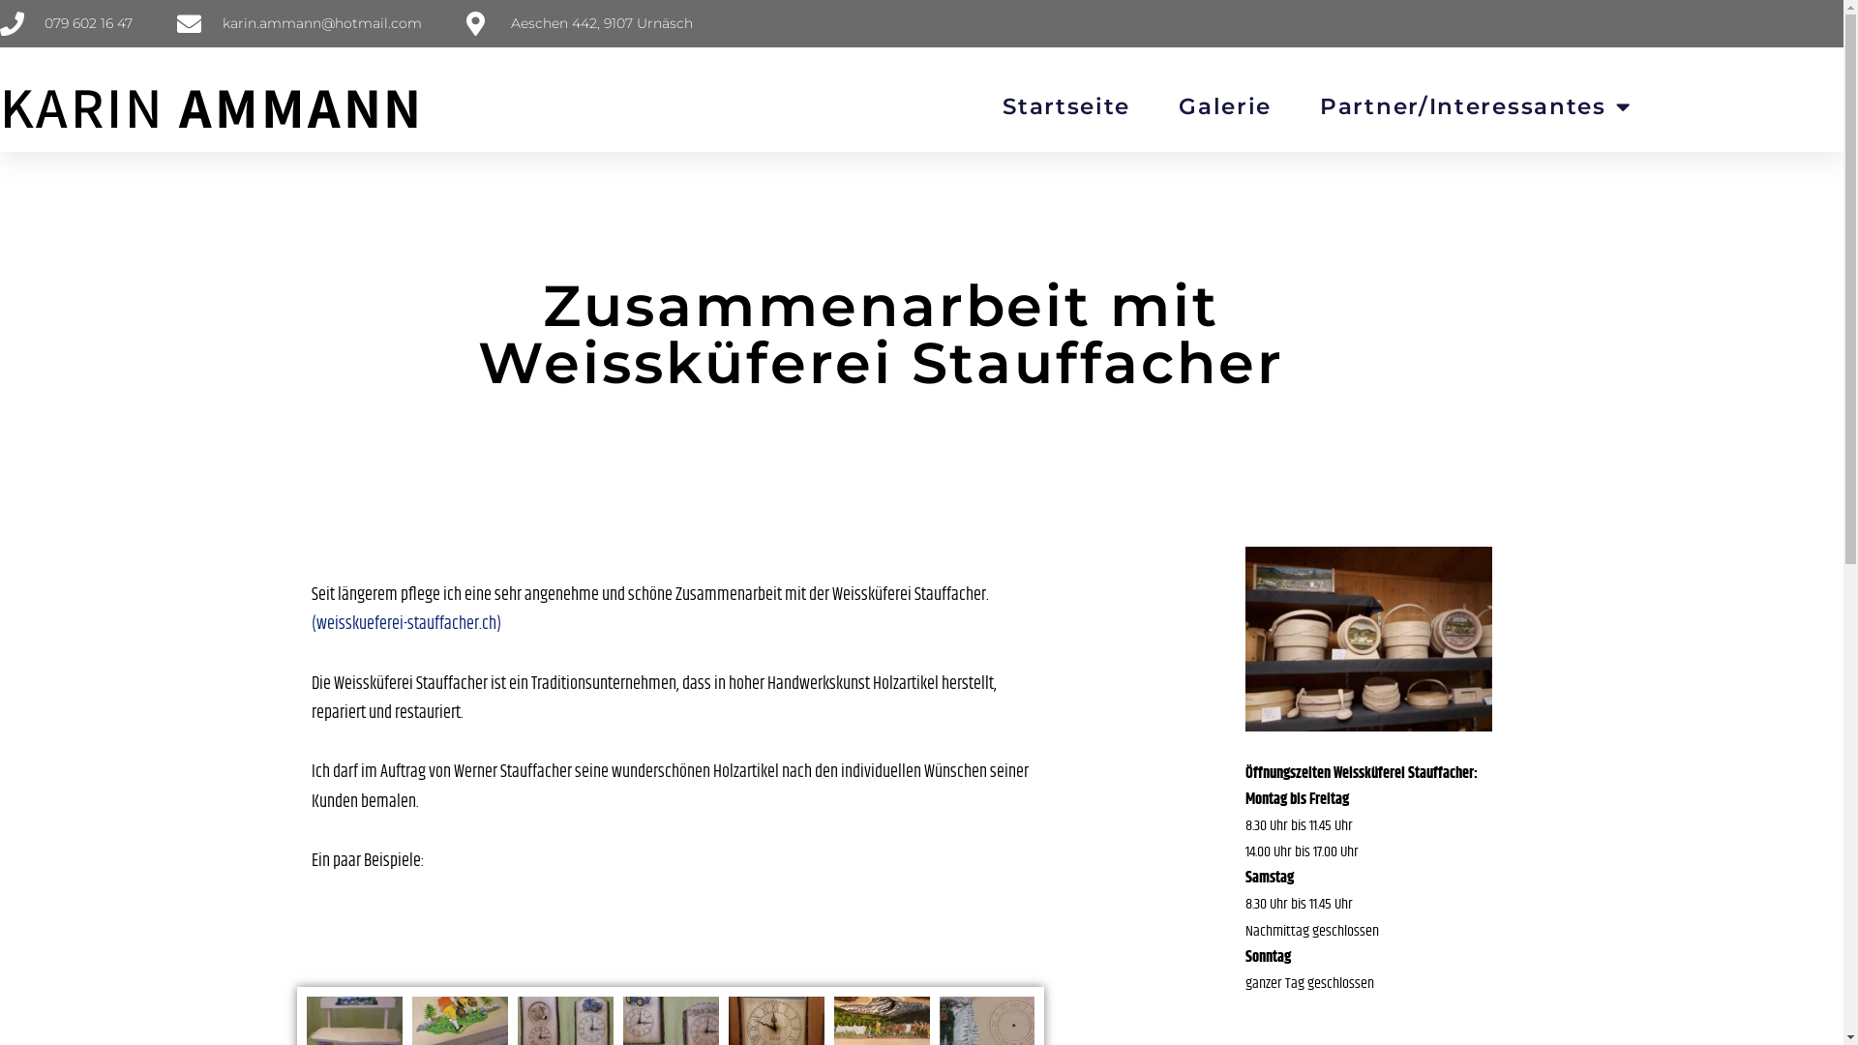 This screenshot has height=1045, width=1858. Describe the element at coordinates (1224, 106) in the screenshot. I see `'Galerie'` at that location.